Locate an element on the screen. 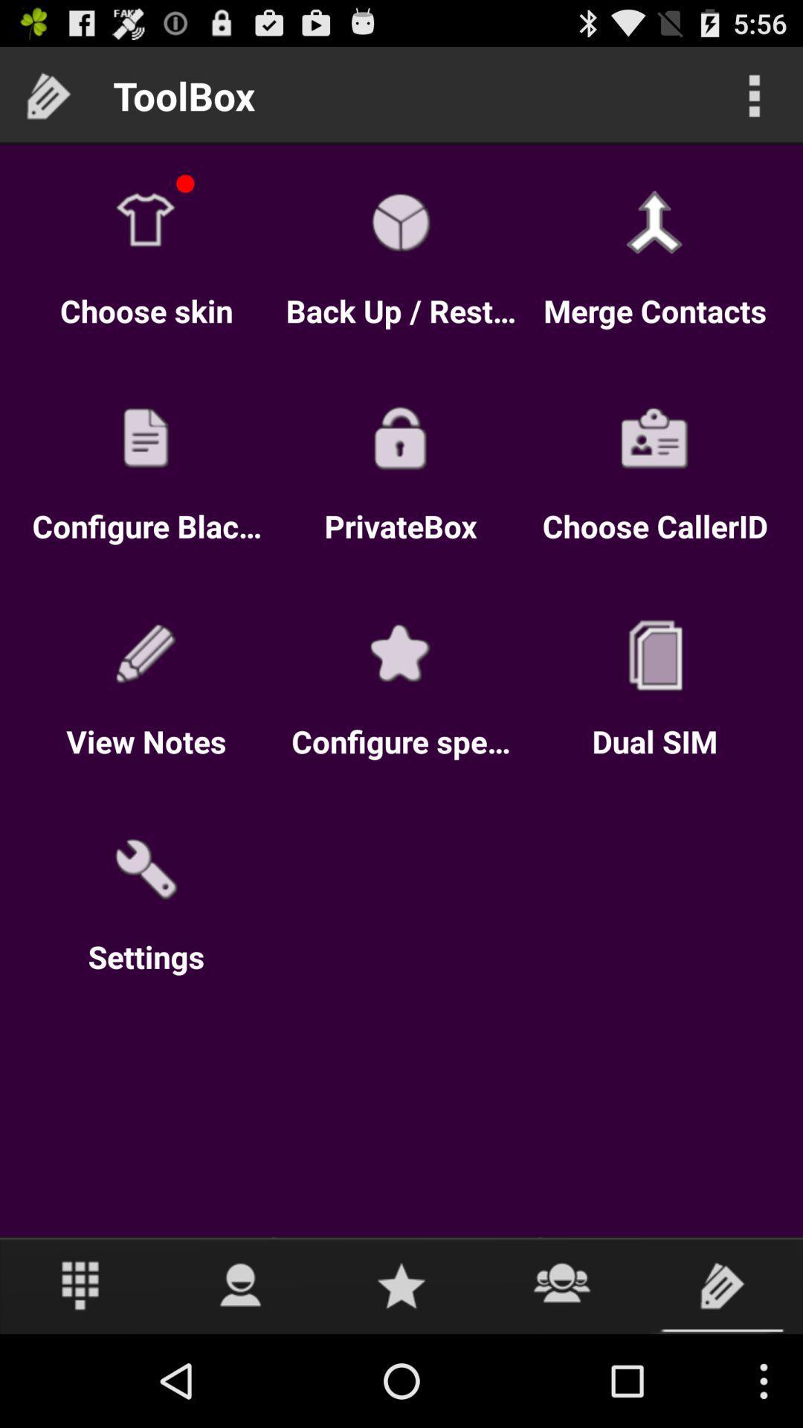 This screenshot has height=1428, width=803. contacts is located at coordinates (562, 1284).